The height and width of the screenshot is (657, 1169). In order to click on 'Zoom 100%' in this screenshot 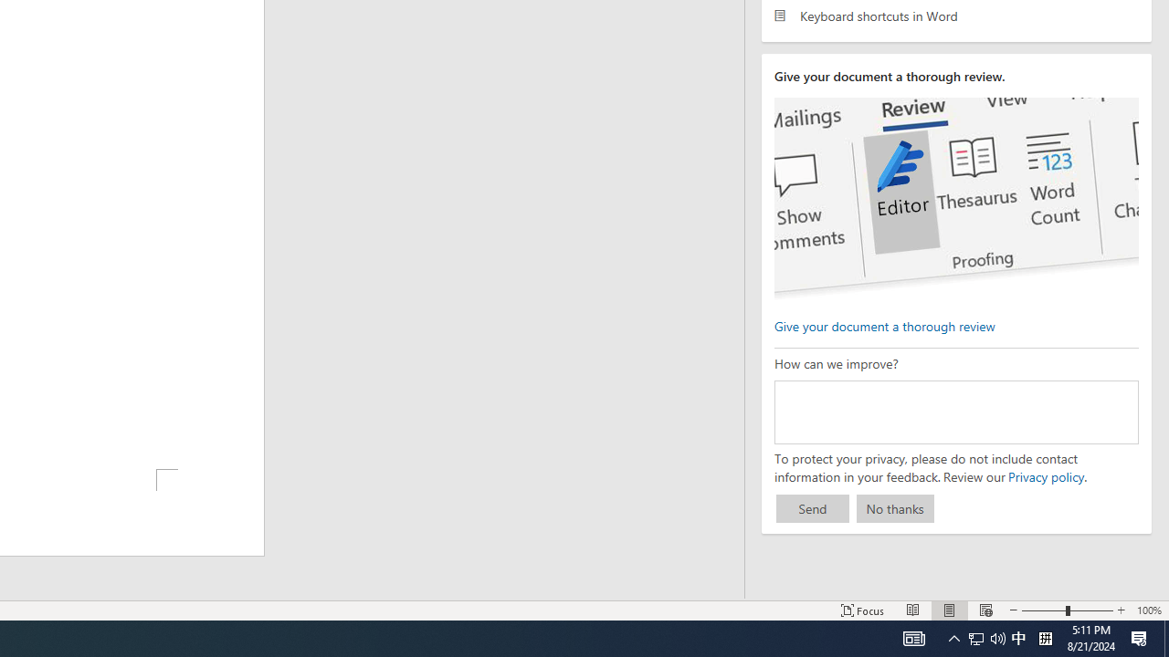, I will do `click(1148, 610)`.